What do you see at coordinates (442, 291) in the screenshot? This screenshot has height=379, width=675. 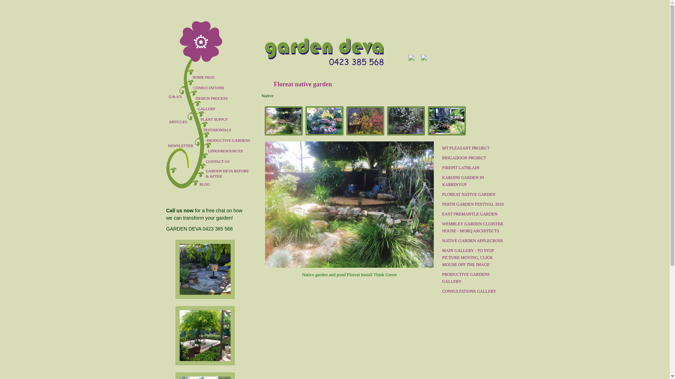 I see `'CONSULTATIONS GALLERY'` at bounding box center [442, 291].